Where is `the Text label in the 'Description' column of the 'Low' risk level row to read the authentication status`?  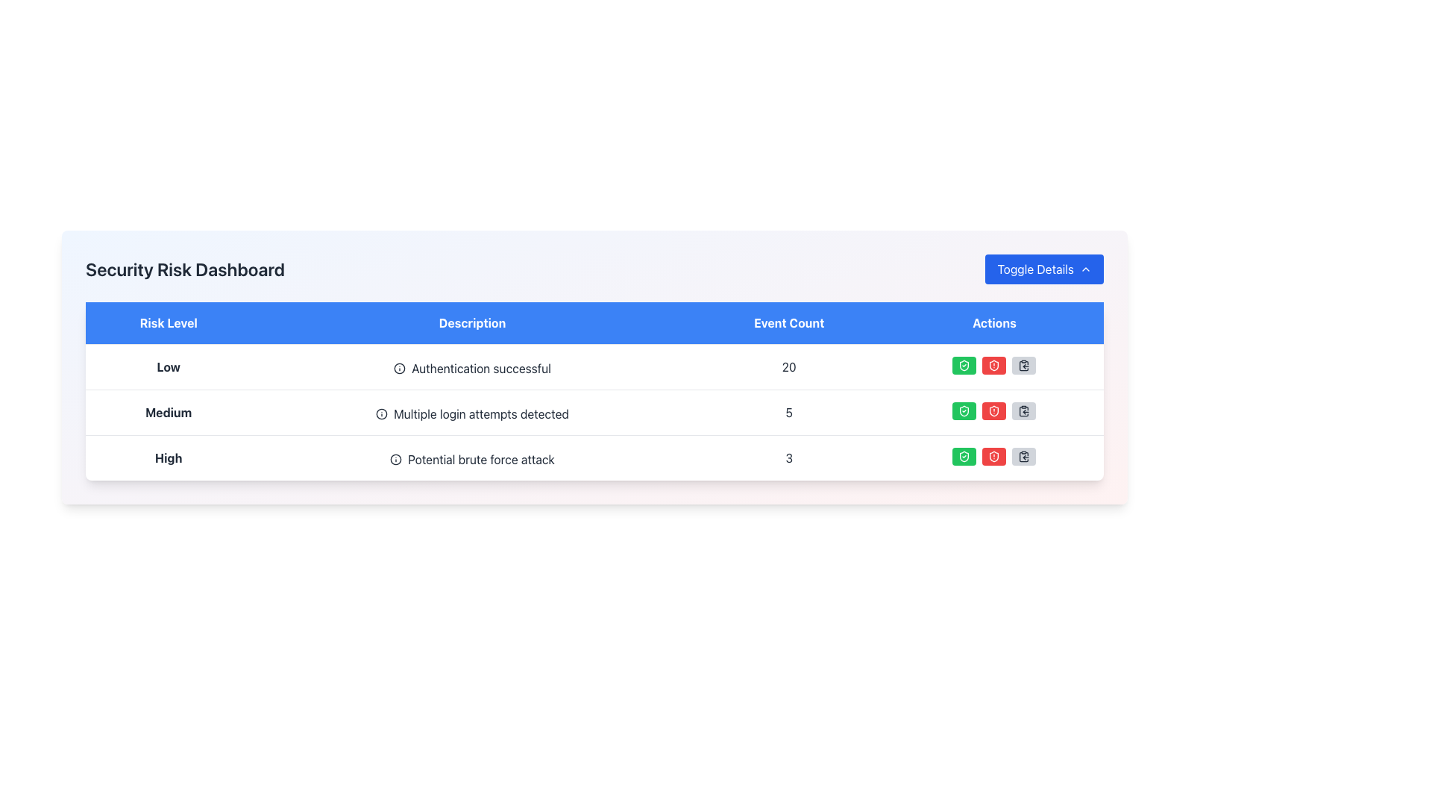 the Text label in the 'Description' column of the 'Low' risk level row to read the authentication status is located at coordinates (471, 368).